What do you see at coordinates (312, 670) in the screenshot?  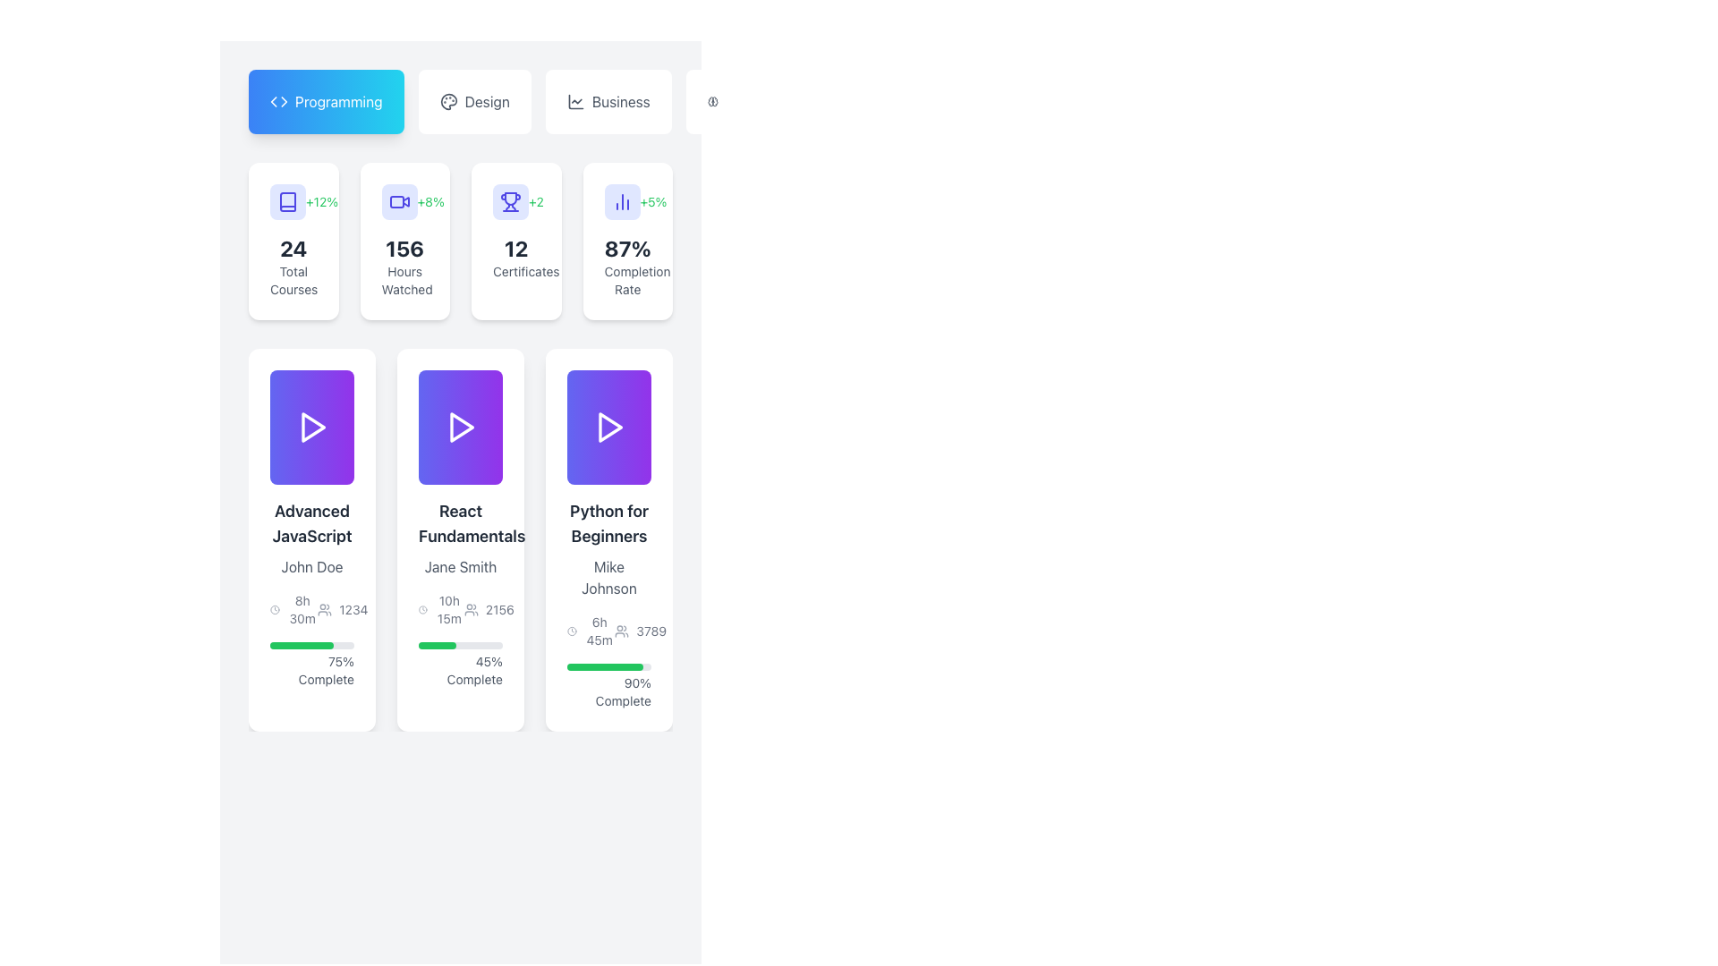 I see `text label that displays the progress status within the 'Advanced JavaScript' card, located directly below the progress bar` at bounding box center [312, 670].